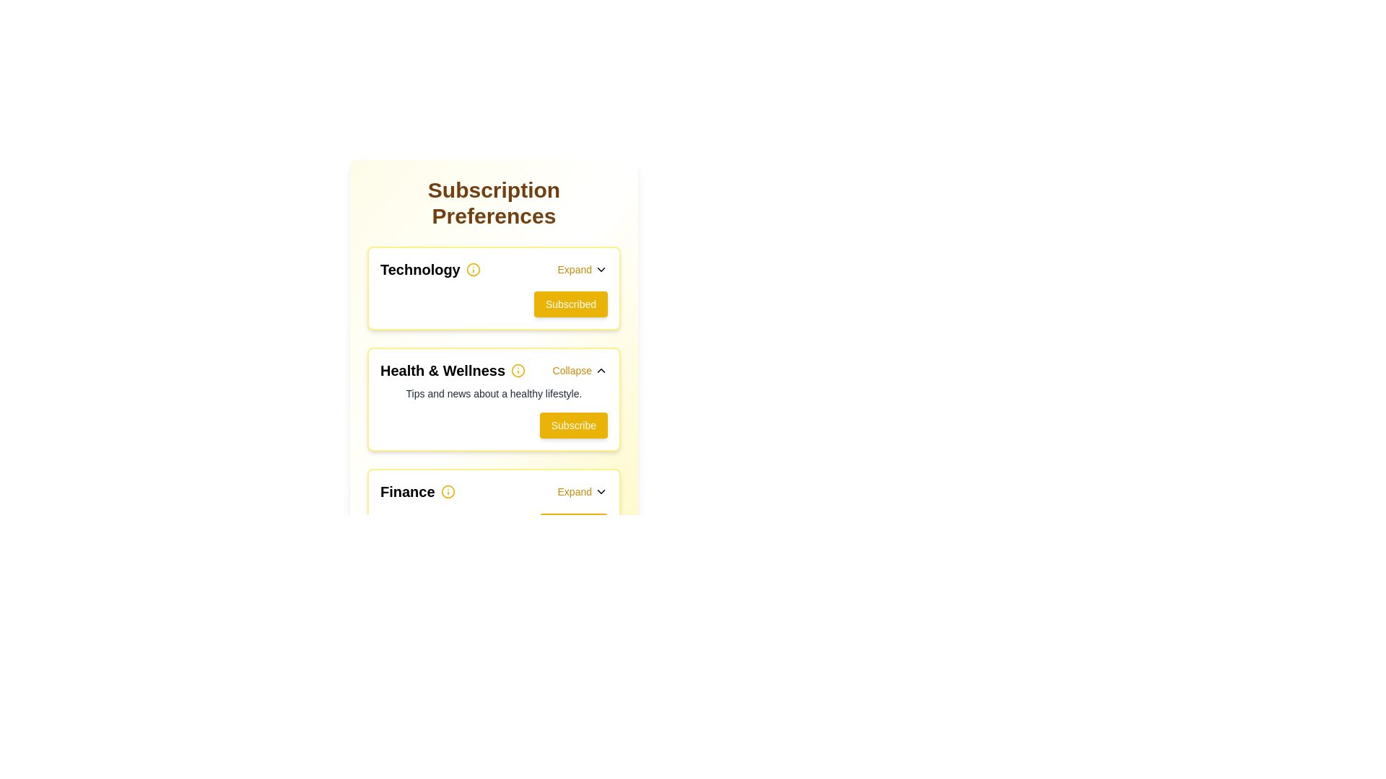 Image resolution: width=1386 pixels, height=779 pixels. What do you see at coordinates (572, 425) in the screenshot?
I see `the 'Health & Wellness' subscription button located at the bottom right corner of the 'Subscription Preferences' interface` at bounding box center [572, 425].